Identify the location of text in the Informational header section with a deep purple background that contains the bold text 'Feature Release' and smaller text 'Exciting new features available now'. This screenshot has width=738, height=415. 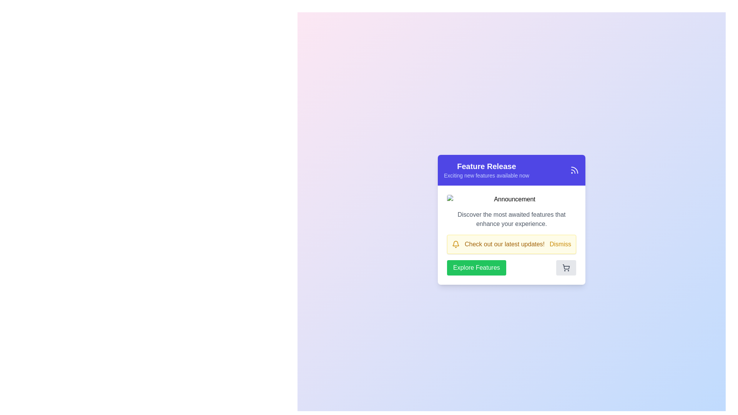
(511, 170).